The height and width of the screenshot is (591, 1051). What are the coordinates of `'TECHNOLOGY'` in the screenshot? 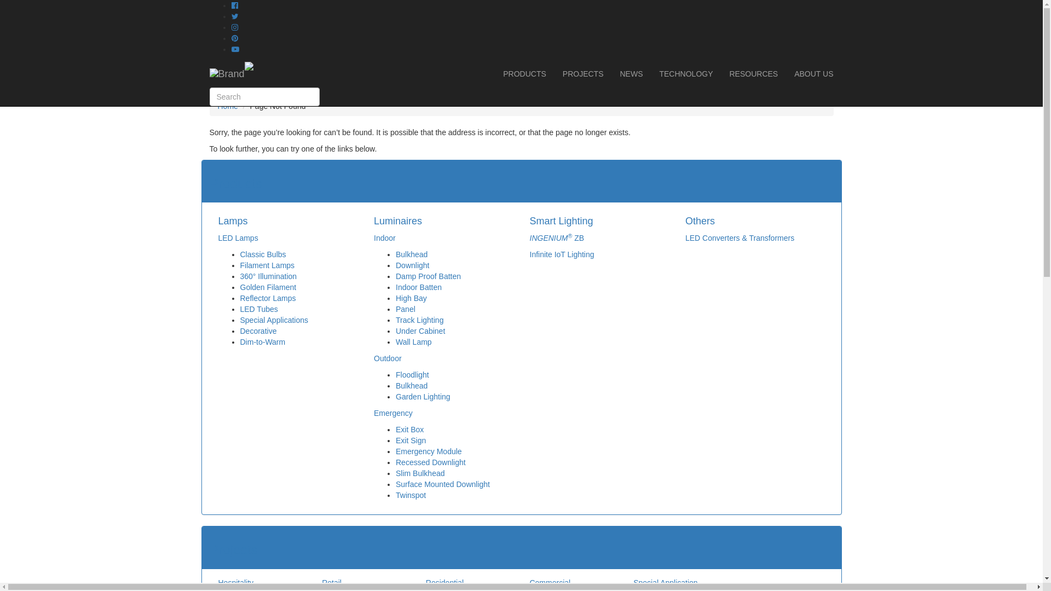 It's located at (685, 74).